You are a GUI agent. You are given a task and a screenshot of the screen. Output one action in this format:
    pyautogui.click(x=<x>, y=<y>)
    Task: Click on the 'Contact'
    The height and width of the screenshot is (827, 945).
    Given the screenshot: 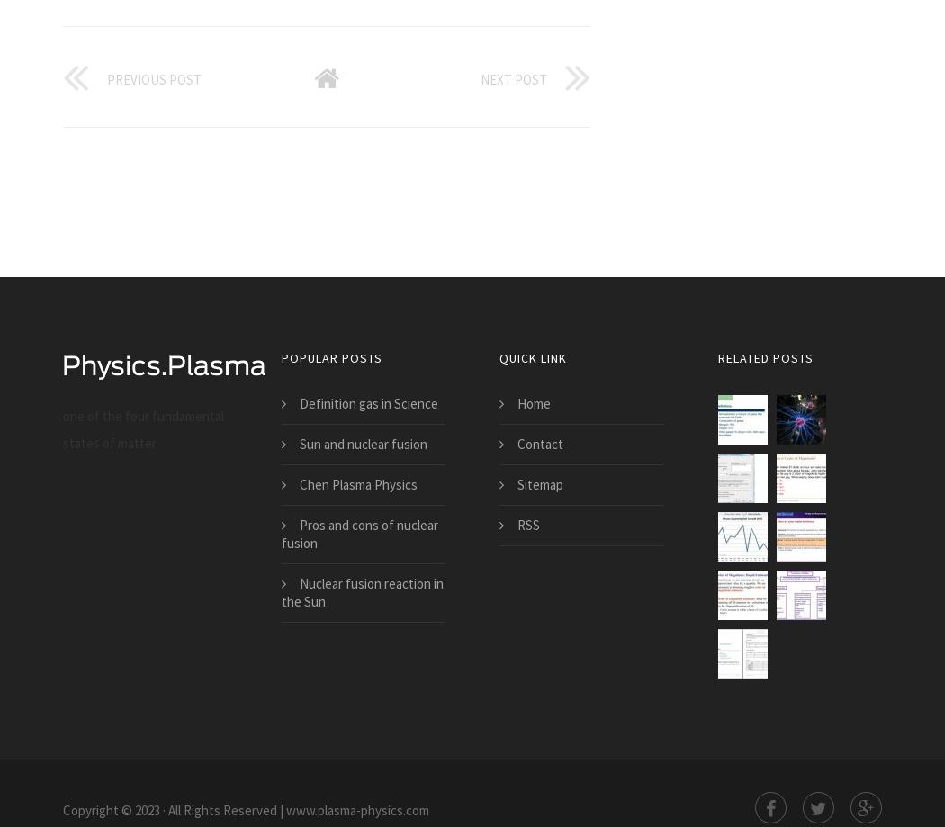 What is the action you would take?
    pyautogui.click(x=540, y=443)
    